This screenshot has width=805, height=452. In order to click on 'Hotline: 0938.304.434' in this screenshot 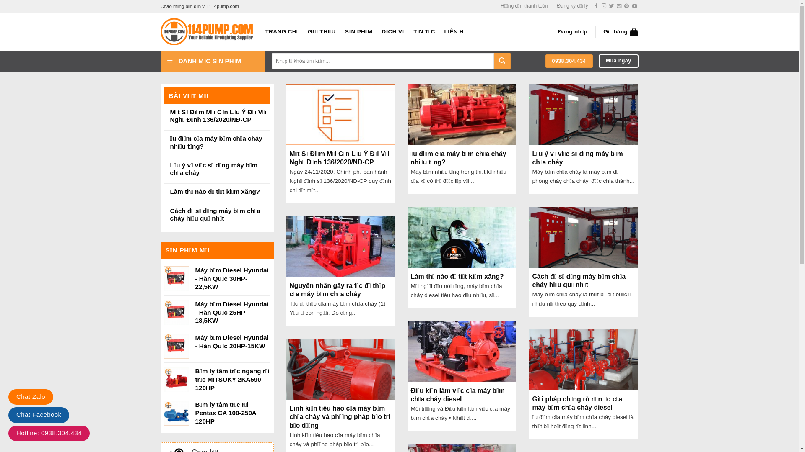, I will do `click(48, 433)`.